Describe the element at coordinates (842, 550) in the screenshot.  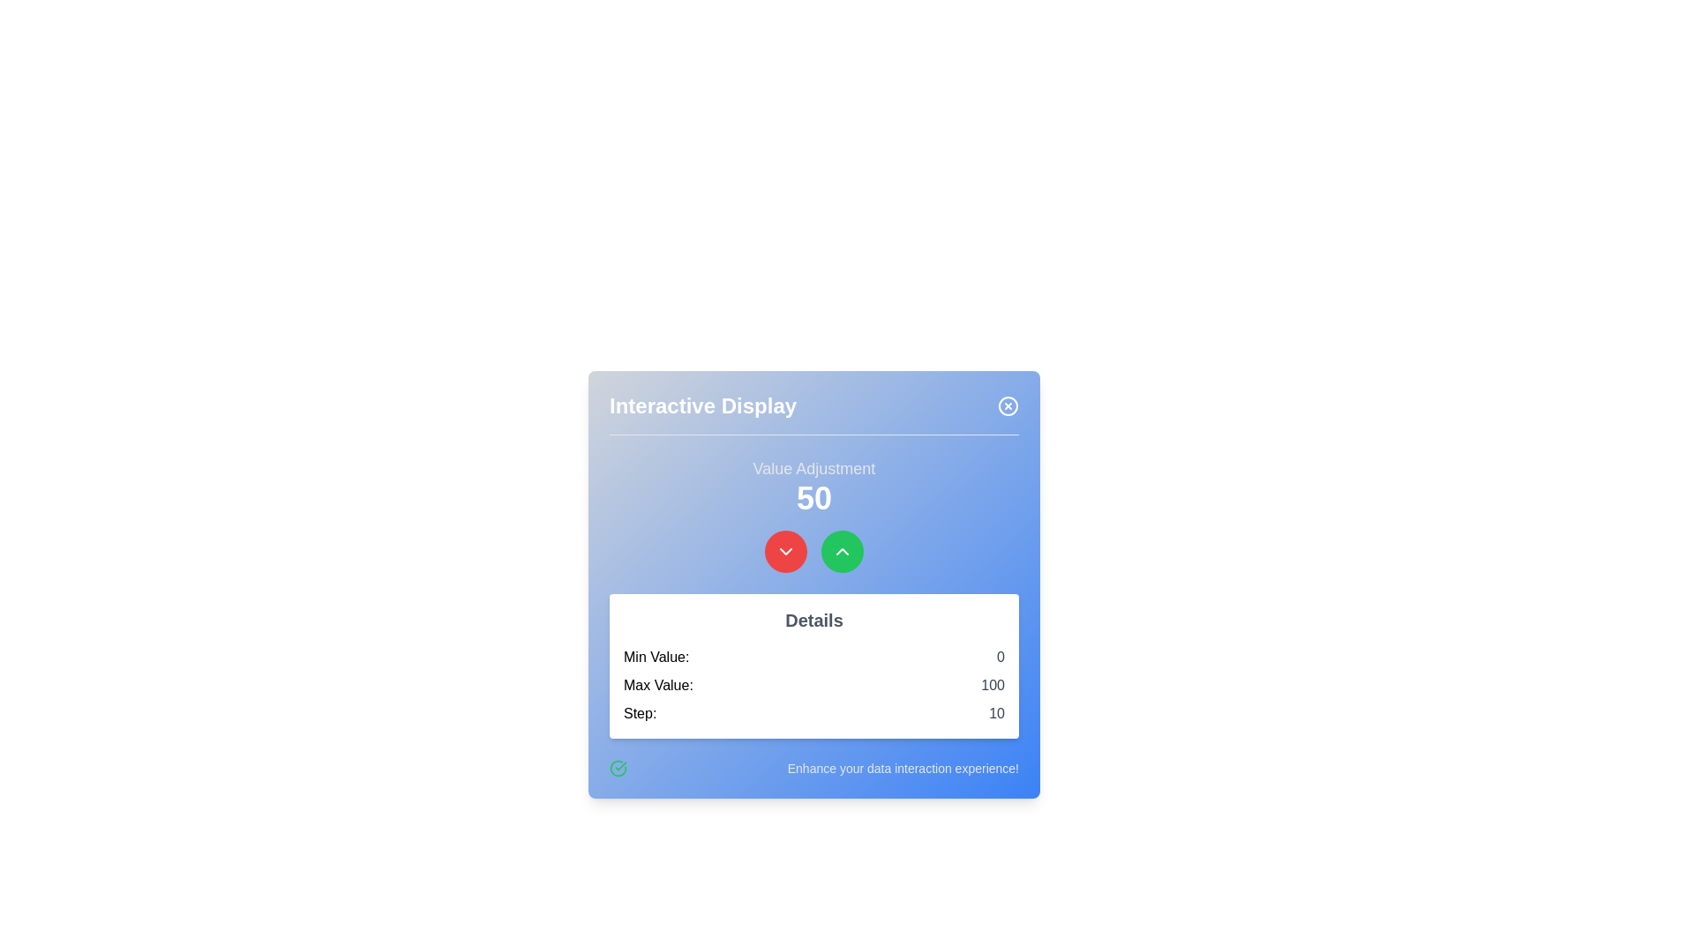
I see `the green circular Icon button featuring an upward chevron arrow` at that location.